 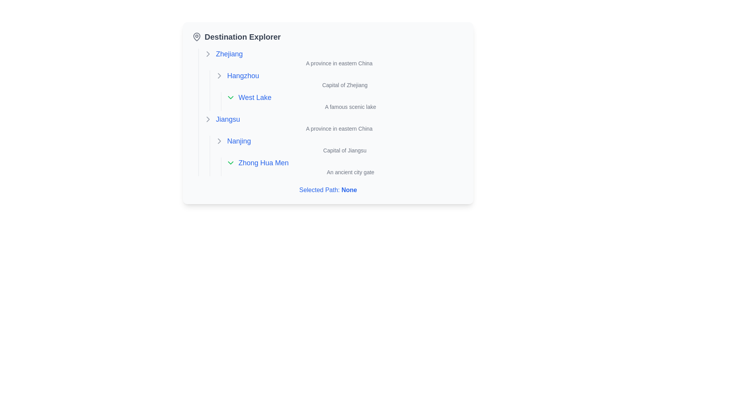 I want to click on the Dropdown control icon located, so click(x=230, y=97).